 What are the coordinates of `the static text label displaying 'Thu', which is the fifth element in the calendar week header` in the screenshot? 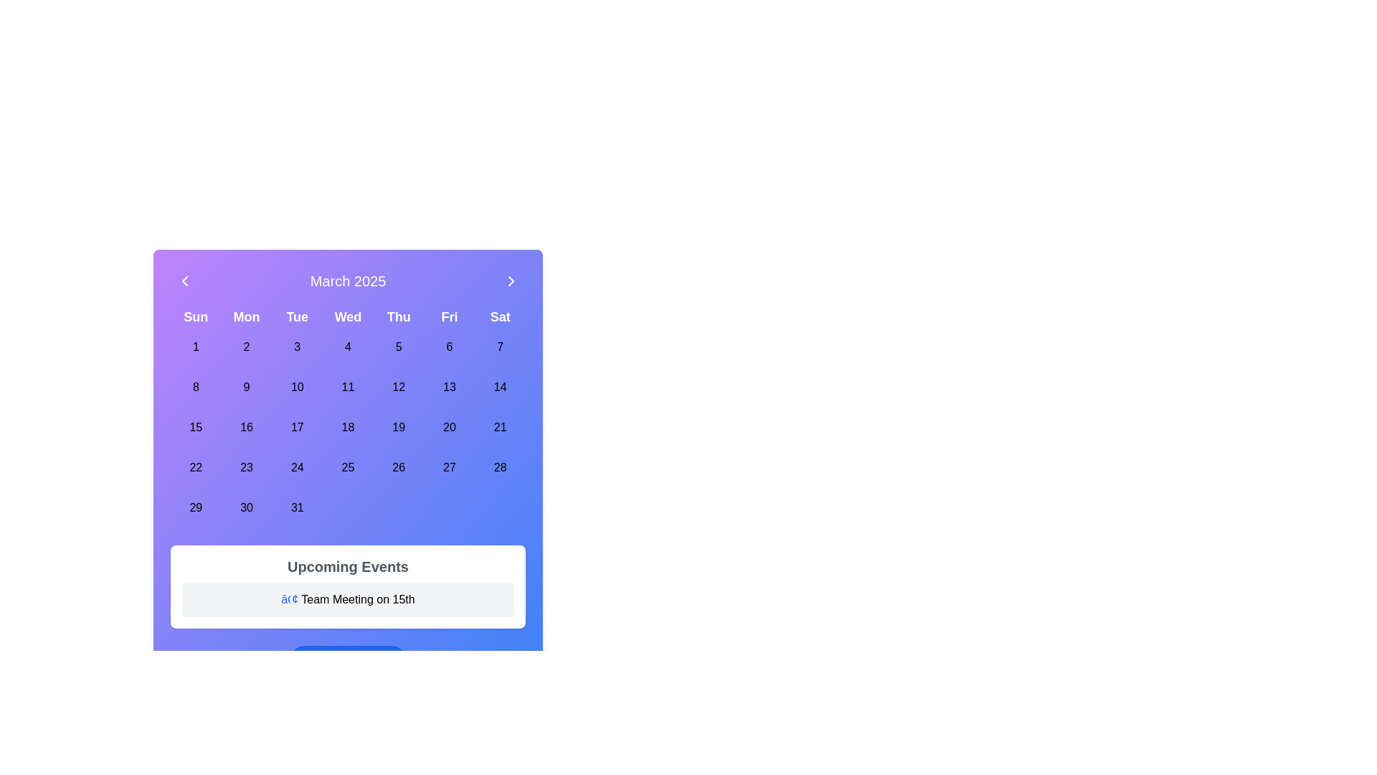 It's located at (399, 316).